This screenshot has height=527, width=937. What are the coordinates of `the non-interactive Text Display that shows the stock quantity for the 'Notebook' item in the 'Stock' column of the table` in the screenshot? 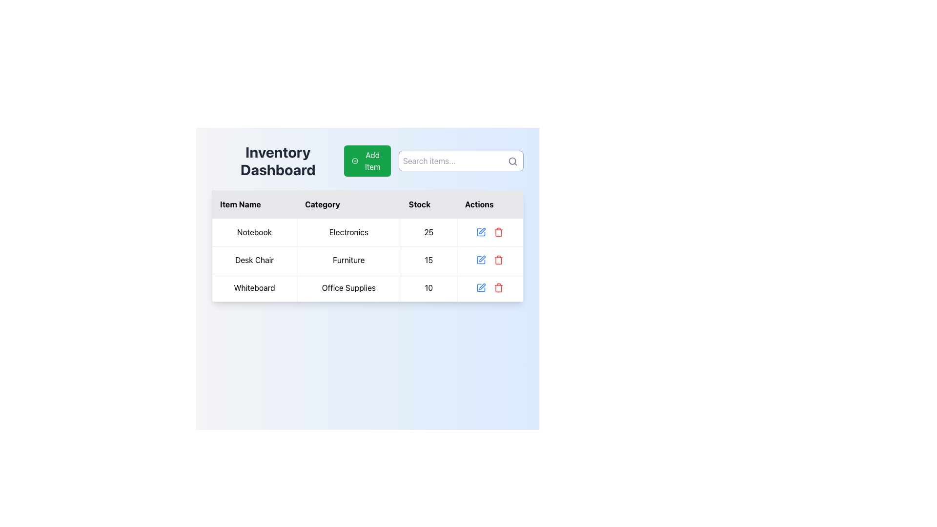 It's located at (428, 232).